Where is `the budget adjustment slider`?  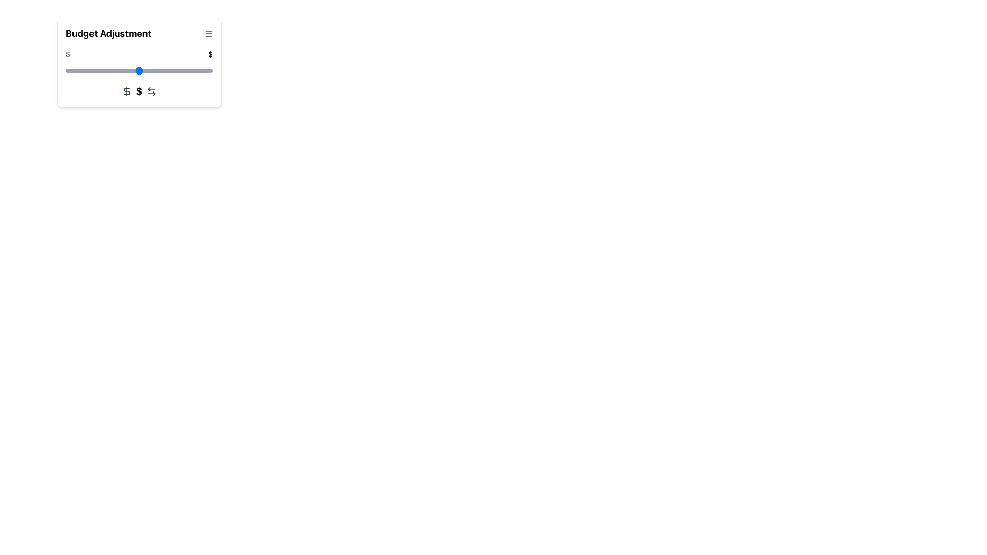 the budget adjustment slider is located at coordinates (179, 70).